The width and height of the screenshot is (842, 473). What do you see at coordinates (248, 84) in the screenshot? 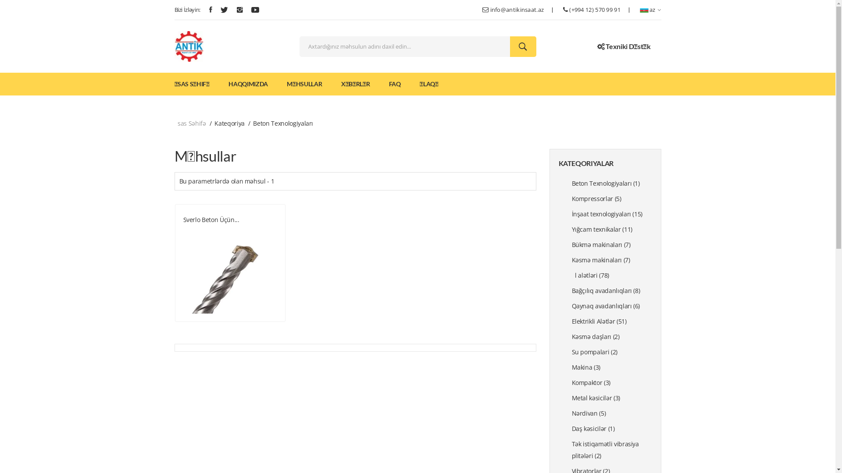
I see `'HAQQIMIZDA'` at bounding box center [248, 84].